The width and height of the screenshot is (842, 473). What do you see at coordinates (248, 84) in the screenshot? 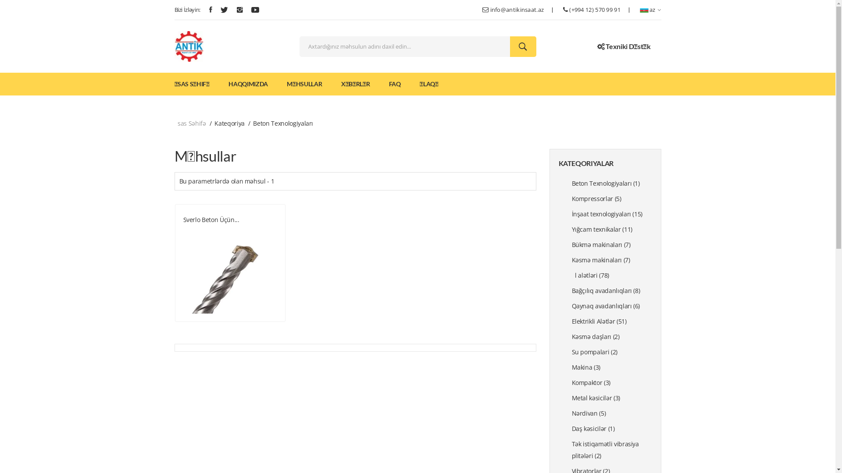
I see `'HAQQIMIZDA'` at bounding box center [248, 84].